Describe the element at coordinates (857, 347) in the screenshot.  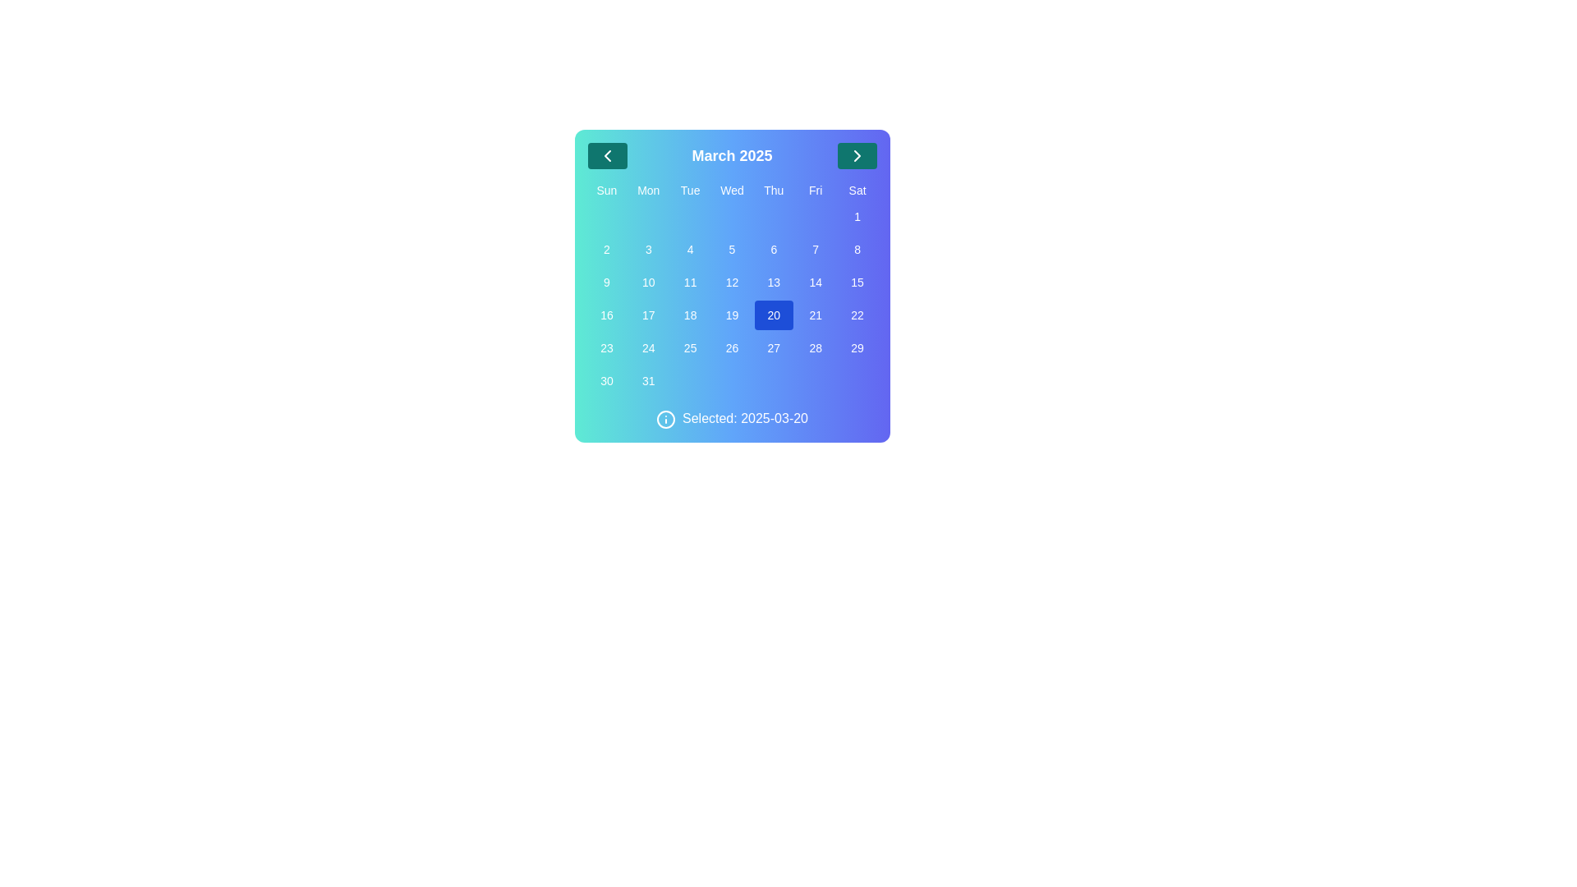
I see `the rounded button labeled '29' at the bottom row of the calendar layout` at that location.